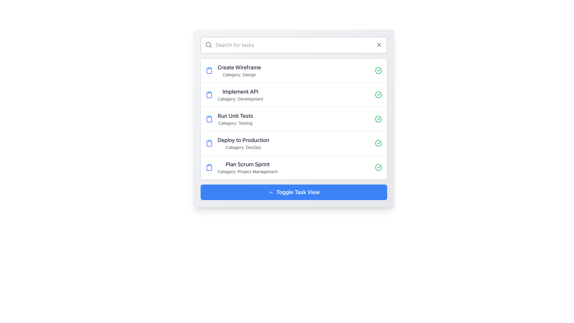  Describe the element at coordinates (239, 70) in the screenshot. I see `the 'Create Wireframe' text element` at that location.